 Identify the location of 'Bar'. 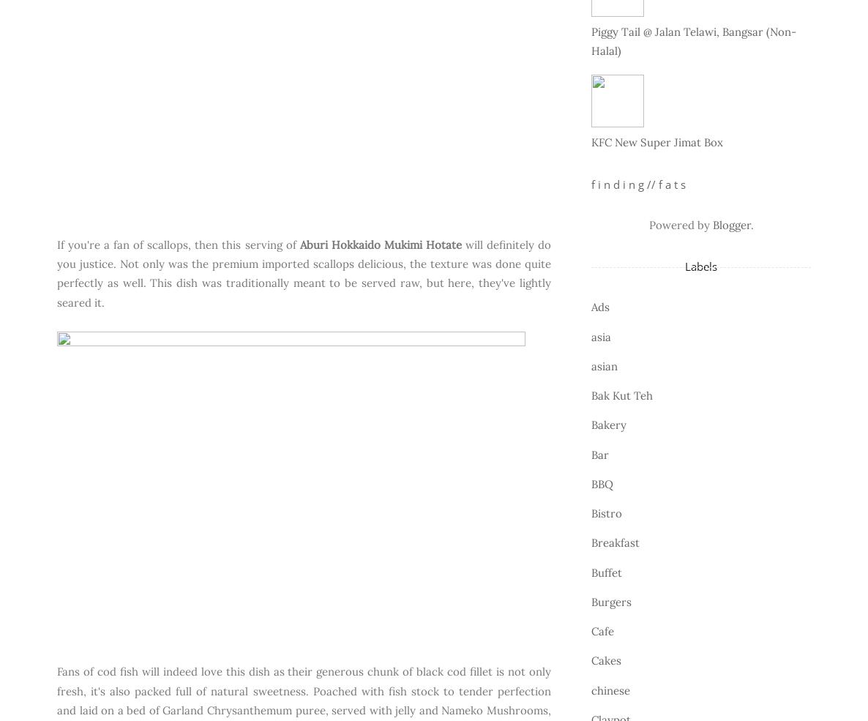
(591, 453).